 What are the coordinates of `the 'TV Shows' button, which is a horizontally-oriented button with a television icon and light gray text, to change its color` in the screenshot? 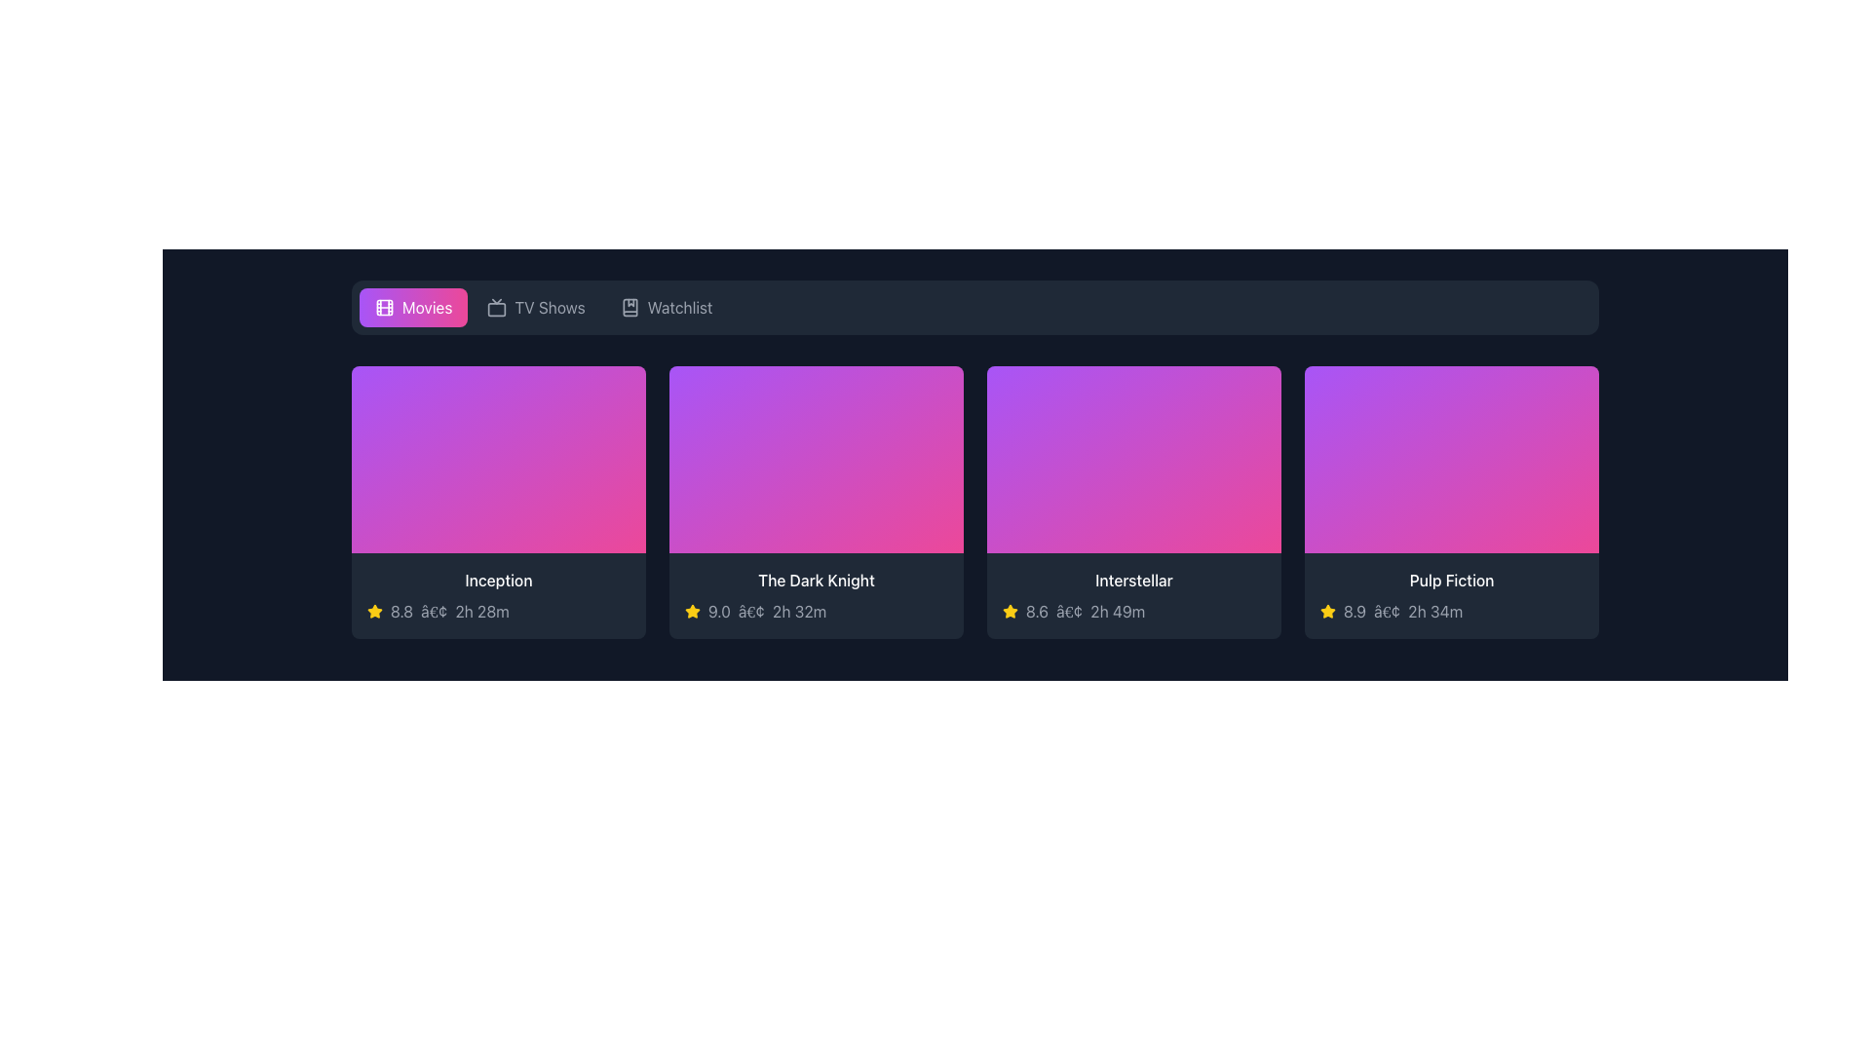 It's located at (536, 307).